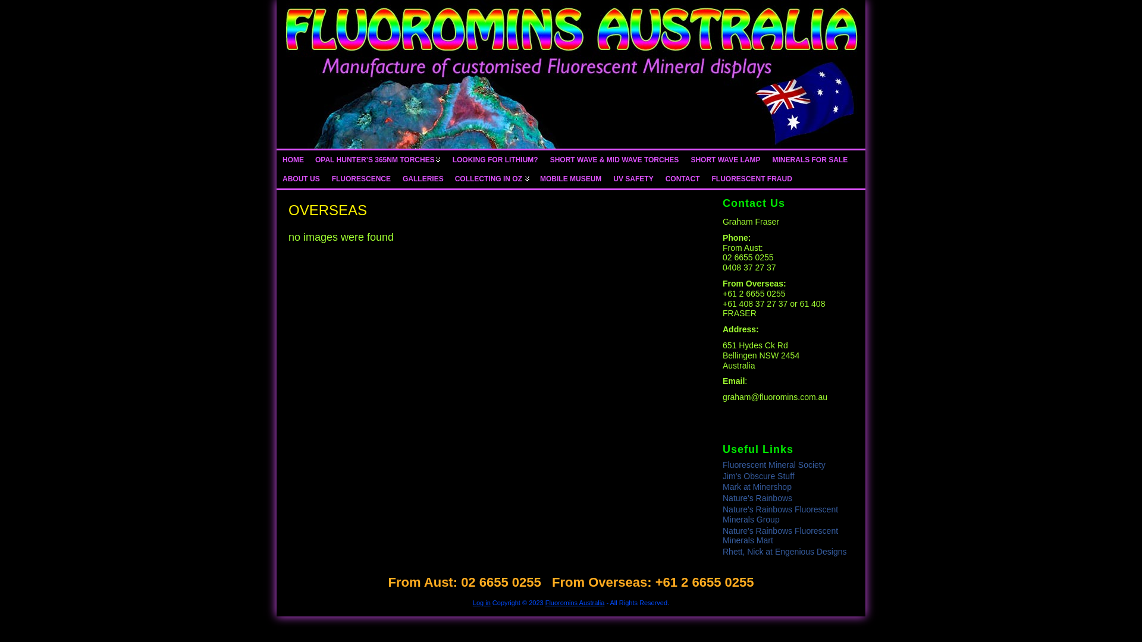 The height and width of the screenshot is (642, 1142). I want to click on 'Jim's Obscure Stuff', so click(721, 476).